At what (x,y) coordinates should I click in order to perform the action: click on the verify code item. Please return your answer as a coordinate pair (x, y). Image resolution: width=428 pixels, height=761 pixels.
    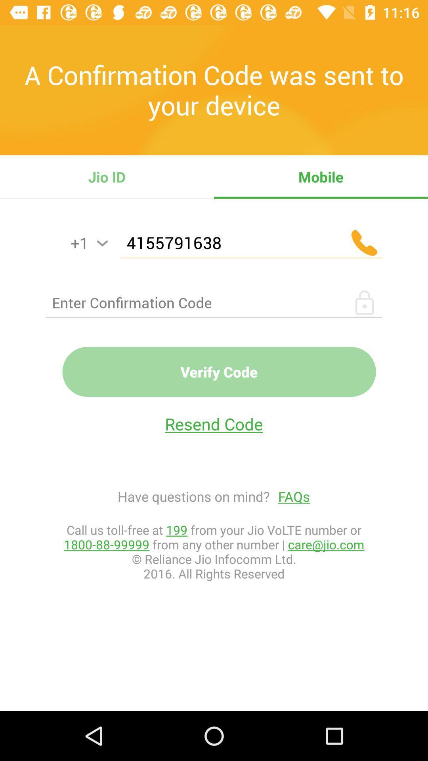
    Looking at the image, I should click on (219, 371).